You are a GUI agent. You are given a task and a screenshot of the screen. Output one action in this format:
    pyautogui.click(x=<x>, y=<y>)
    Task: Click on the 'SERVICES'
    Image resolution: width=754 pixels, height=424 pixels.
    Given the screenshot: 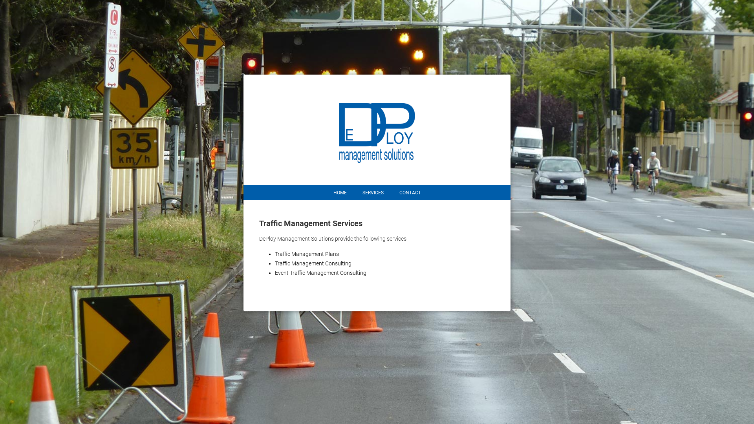 What is the action you would take?
    pyautogui.click(x=372, y=192)
    